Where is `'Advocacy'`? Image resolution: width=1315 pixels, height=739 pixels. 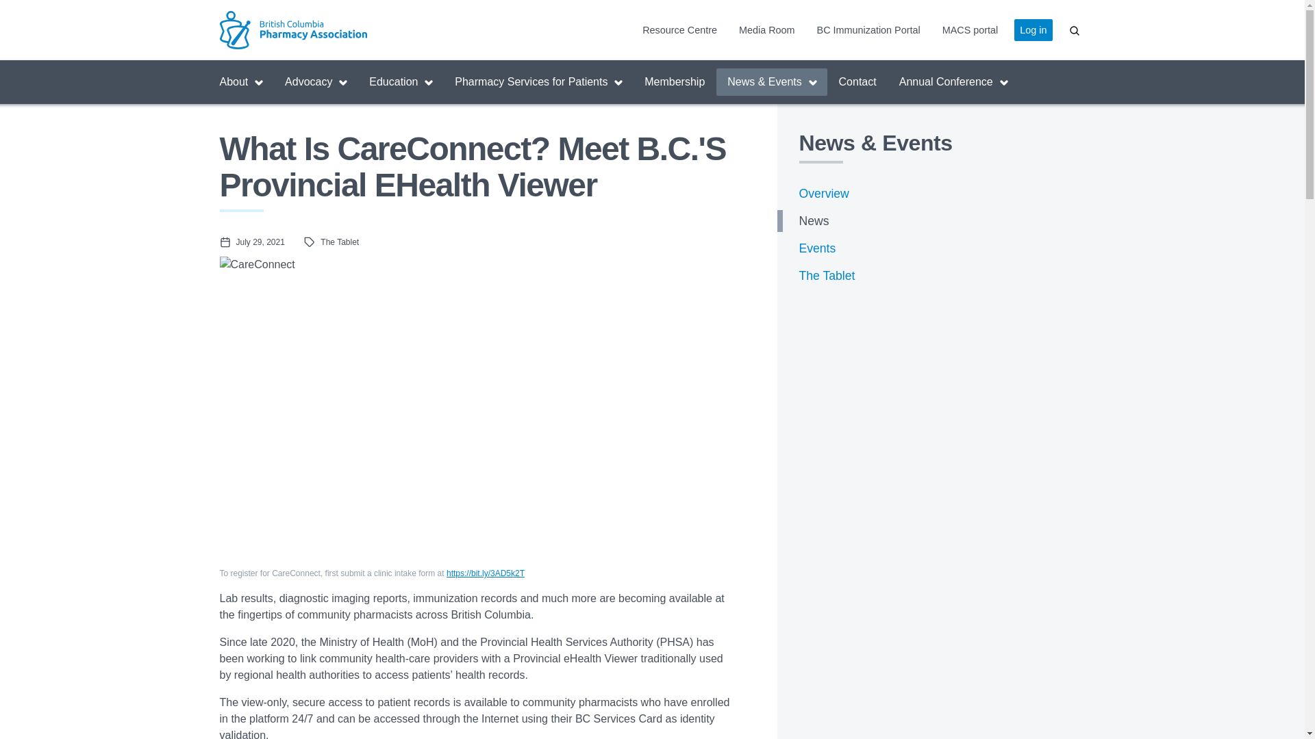 'Advocacy' is located at coordinates (314, 81).